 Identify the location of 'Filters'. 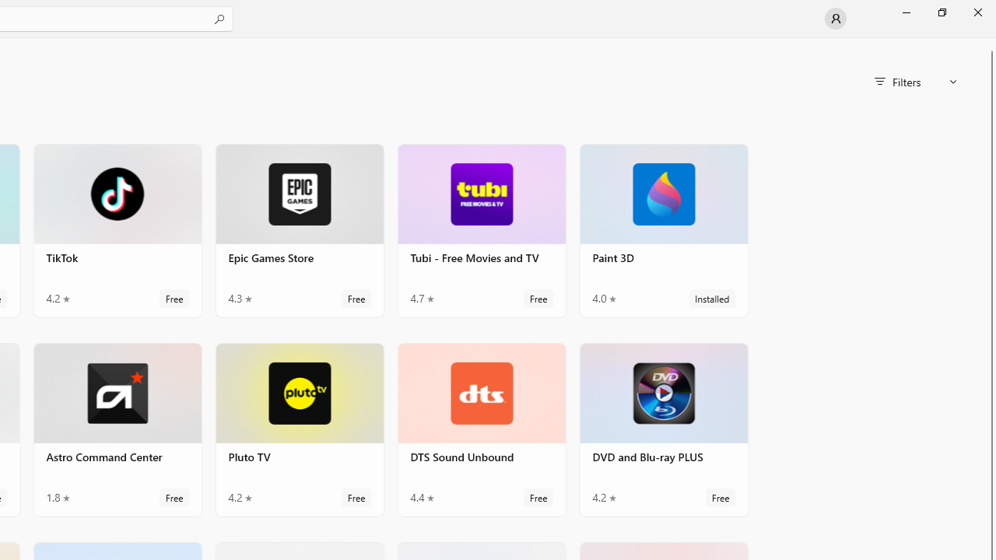
(915, 82).